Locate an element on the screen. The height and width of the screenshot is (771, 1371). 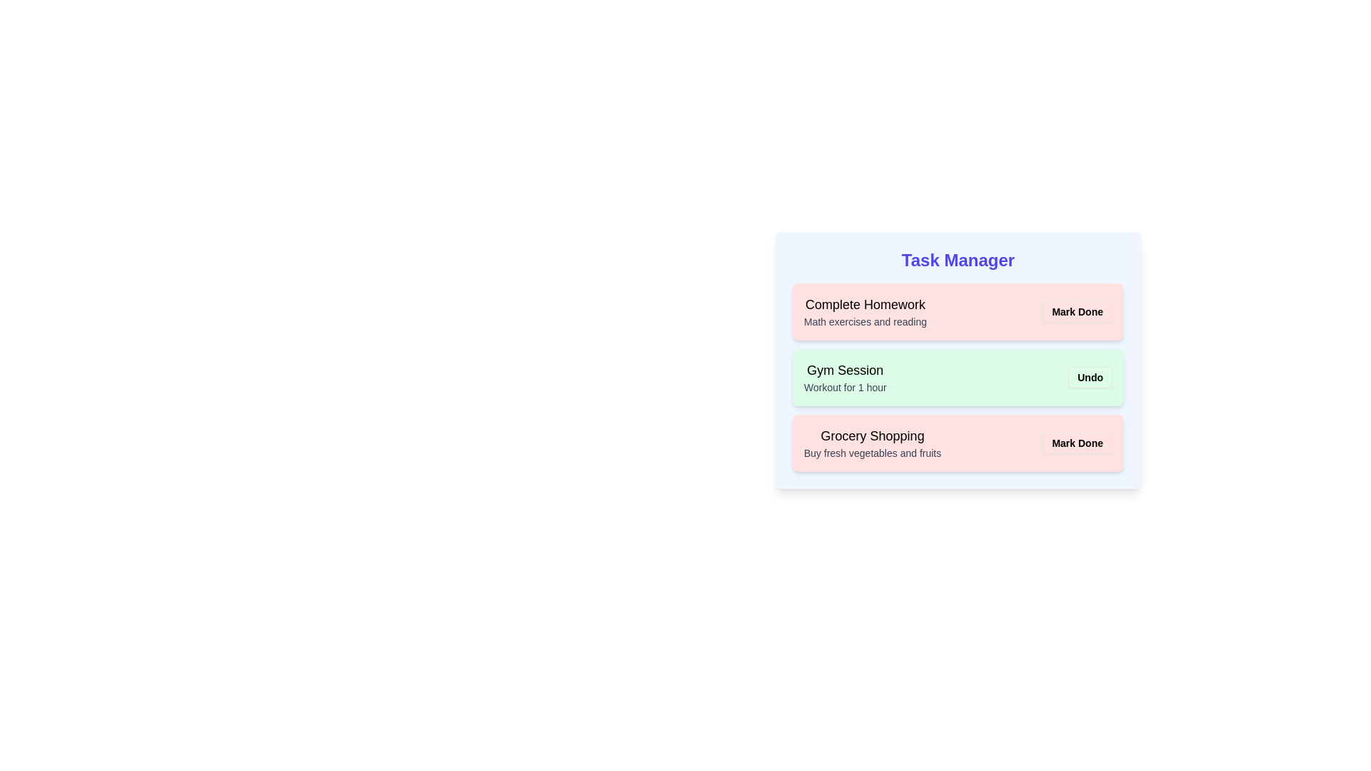
the task title Complete Homework in the task list is located at coordinates (864, 304).